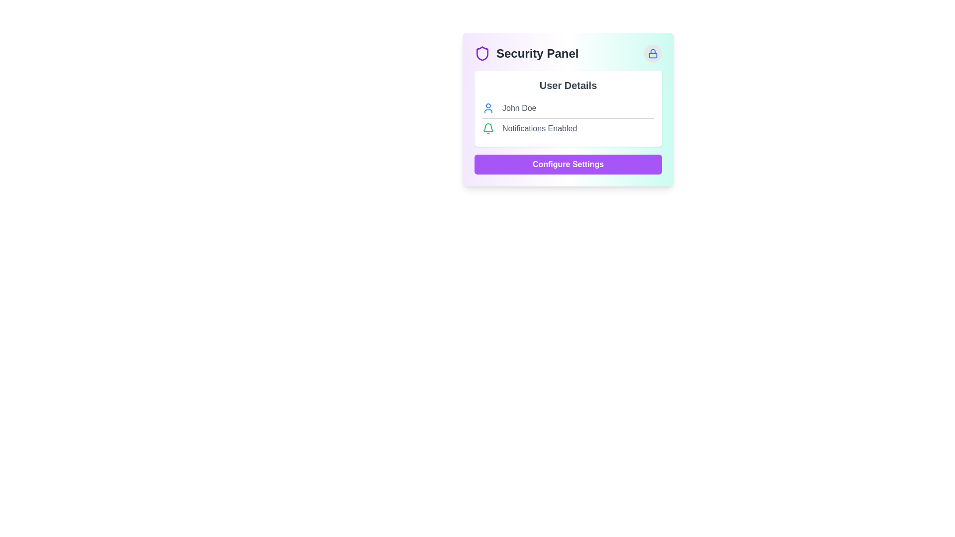 This screenshot has width=955, height=537. Describe the element at coordinates (653, 55) in the screenshot. I see `the lower part of the lock icon located at the top right of the Security Panel card` at that location.